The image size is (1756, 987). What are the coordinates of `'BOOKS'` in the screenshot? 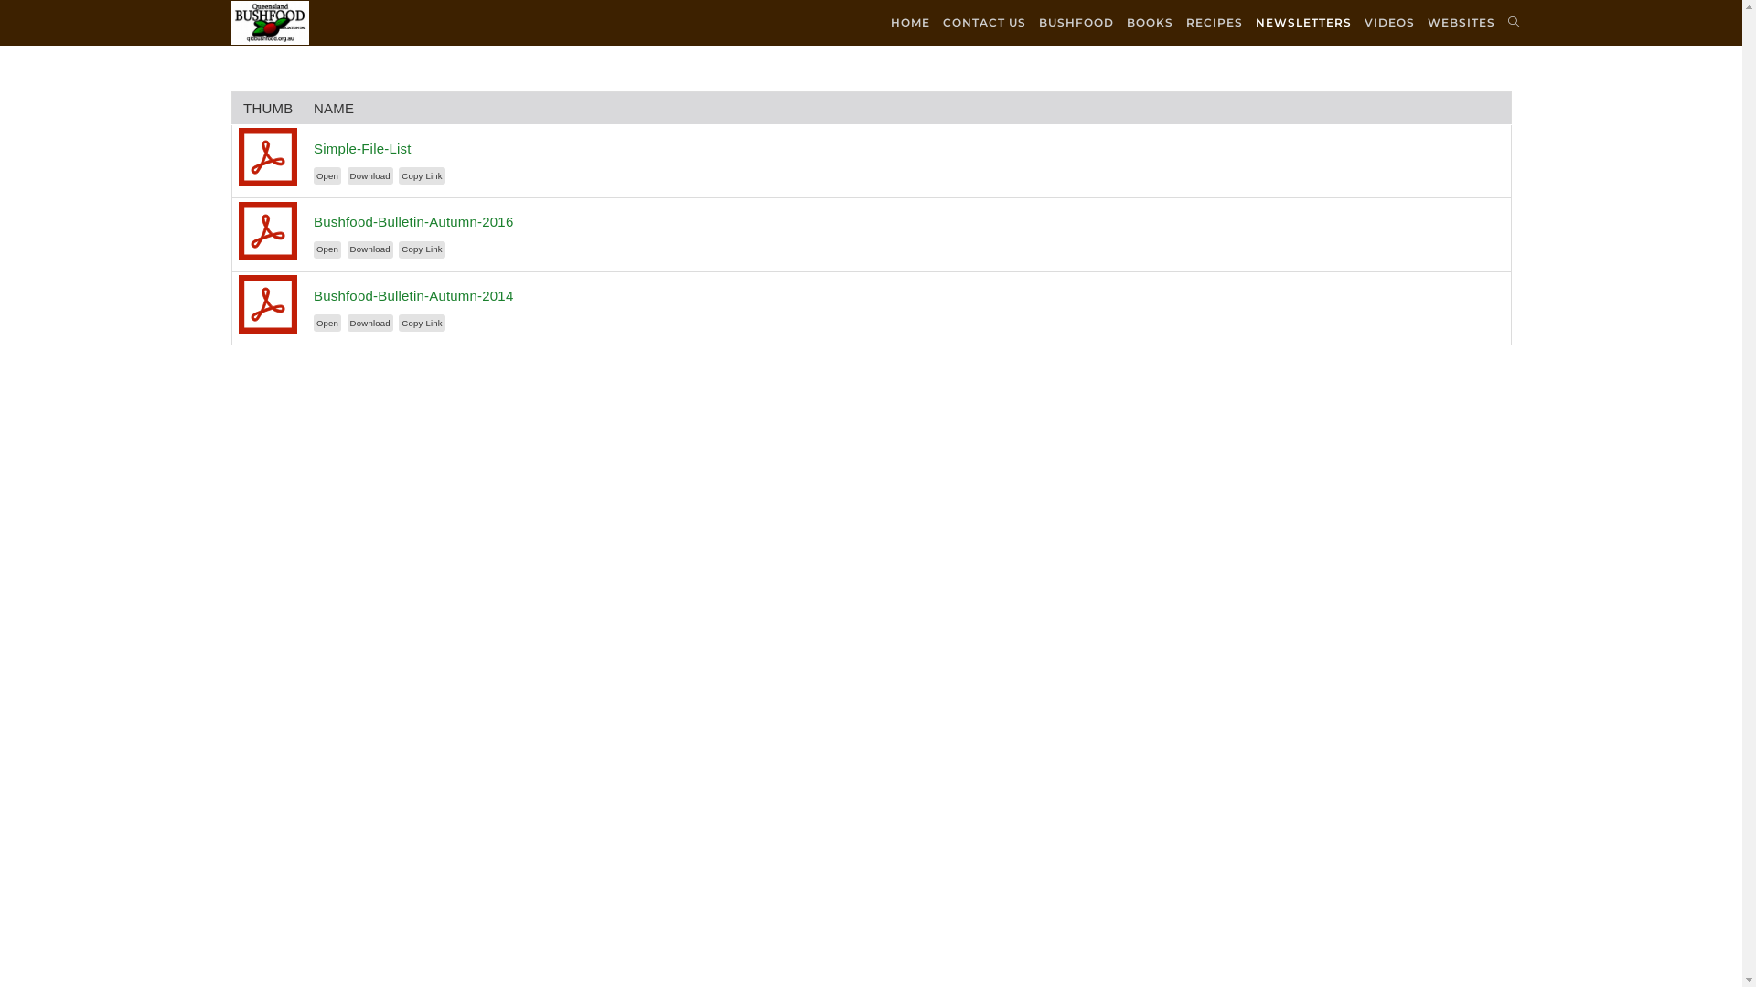 It's located at (1148, 22).